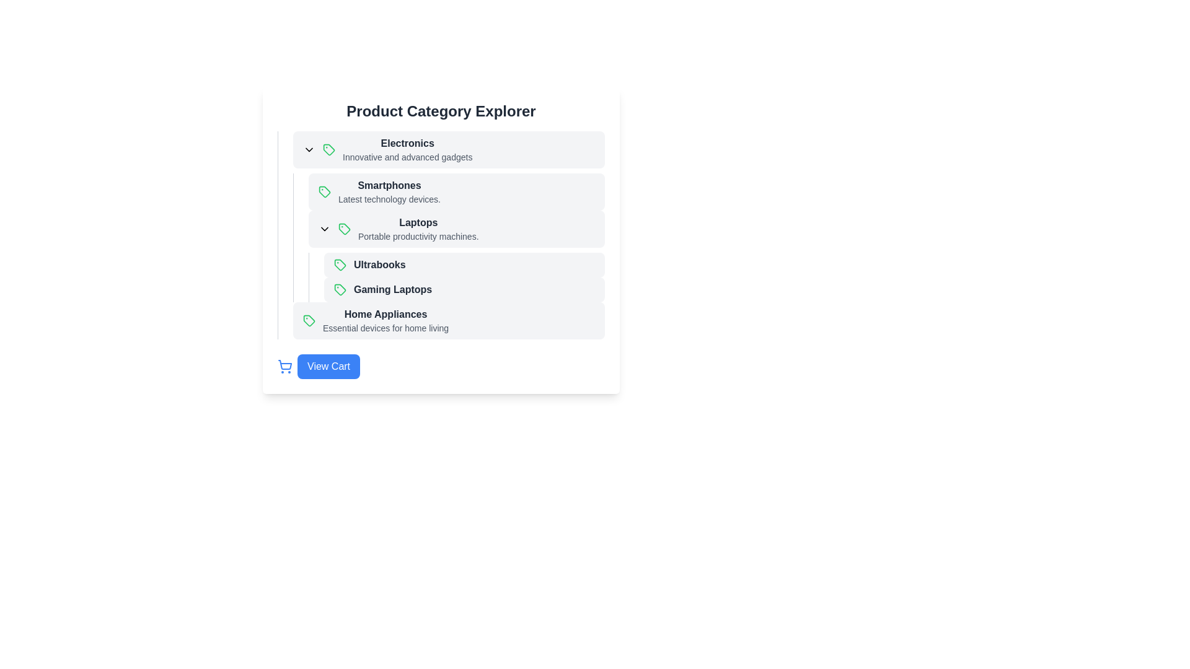 The height and width of the screenshot is (669, 1190). What do you see at coordinates (418, 236) in the screenshot?
I see `the text element reading 'Portable productivity machines' located under the 'Laptops' label in the 'Product Category Explorer' section` at bounding box center [418, 236].